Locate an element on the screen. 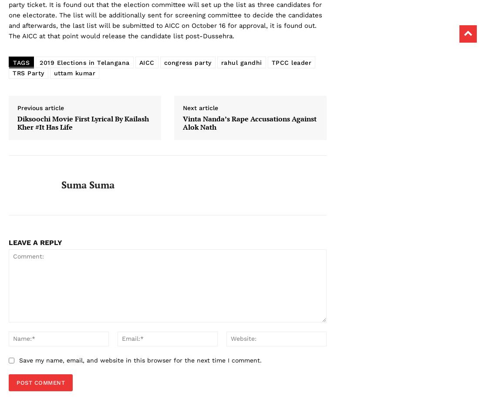 The height and width of the screenshot is (413, 479). '2019 Elections in Telangana' is located at coordinates (84, 62).